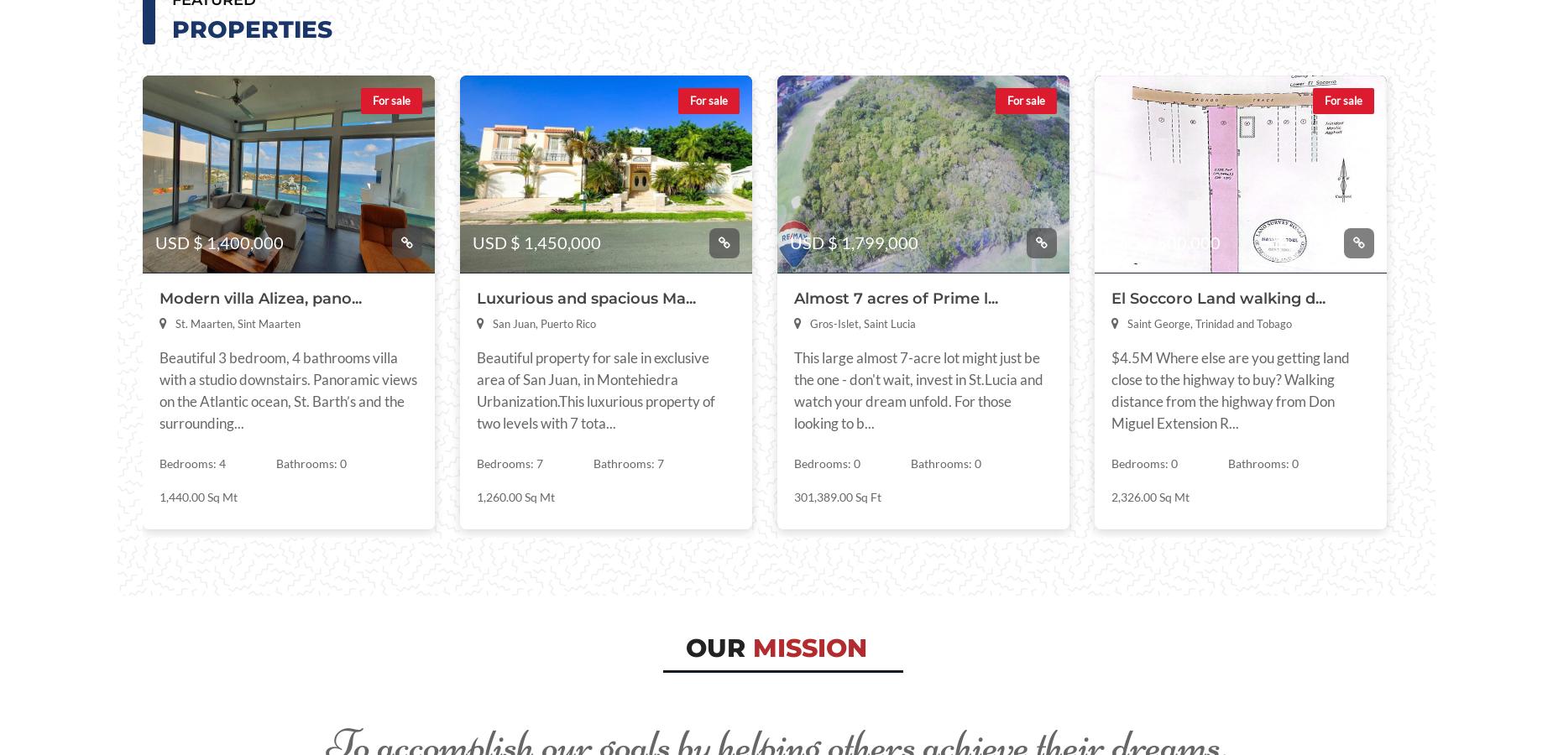 The image size is (1553, 755). Describe the element at coordinates (1218, 299) in the screenshot. I see `'El Soccoro Land walking d...'` at that location.